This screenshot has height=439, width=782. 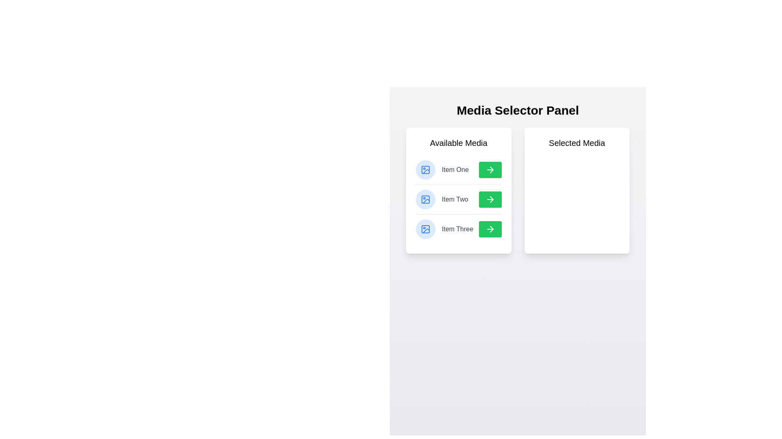 I want to click on the title text element in the 'Available Media' section, which serves as a label for the list of media items below it, so click(x=459, y=142).